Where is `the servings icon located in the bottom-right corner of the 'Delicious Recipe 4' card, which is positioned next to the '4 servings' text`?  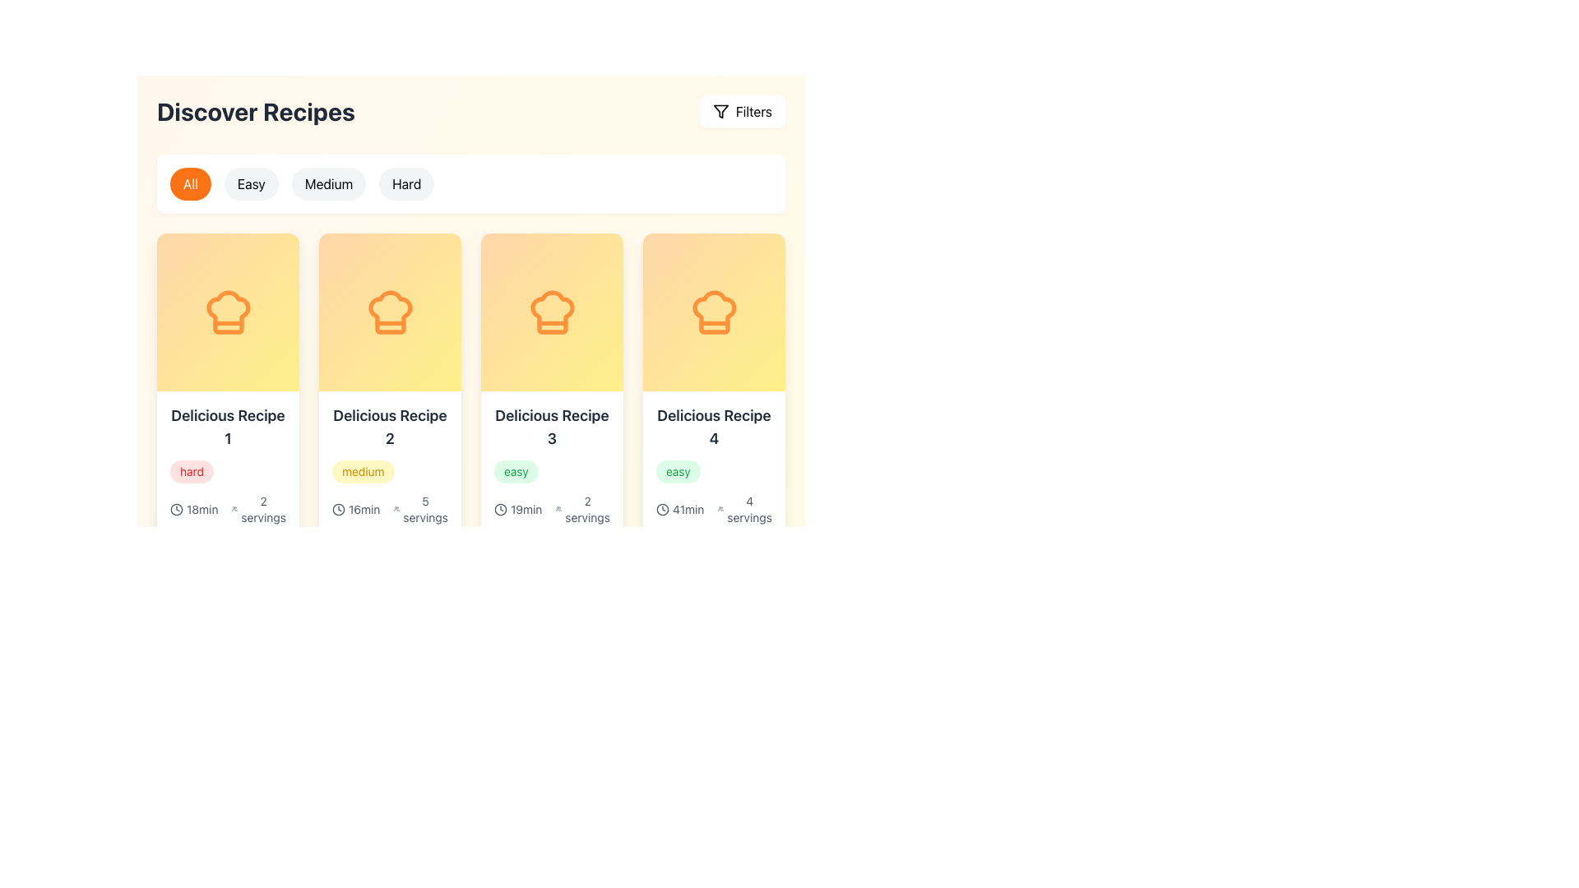 the servings icon located in the bottom-right corner of the 'Delicious Recipe 4' card, which is positioned next to the '4 servings' text is located at coordinates (558, 874).